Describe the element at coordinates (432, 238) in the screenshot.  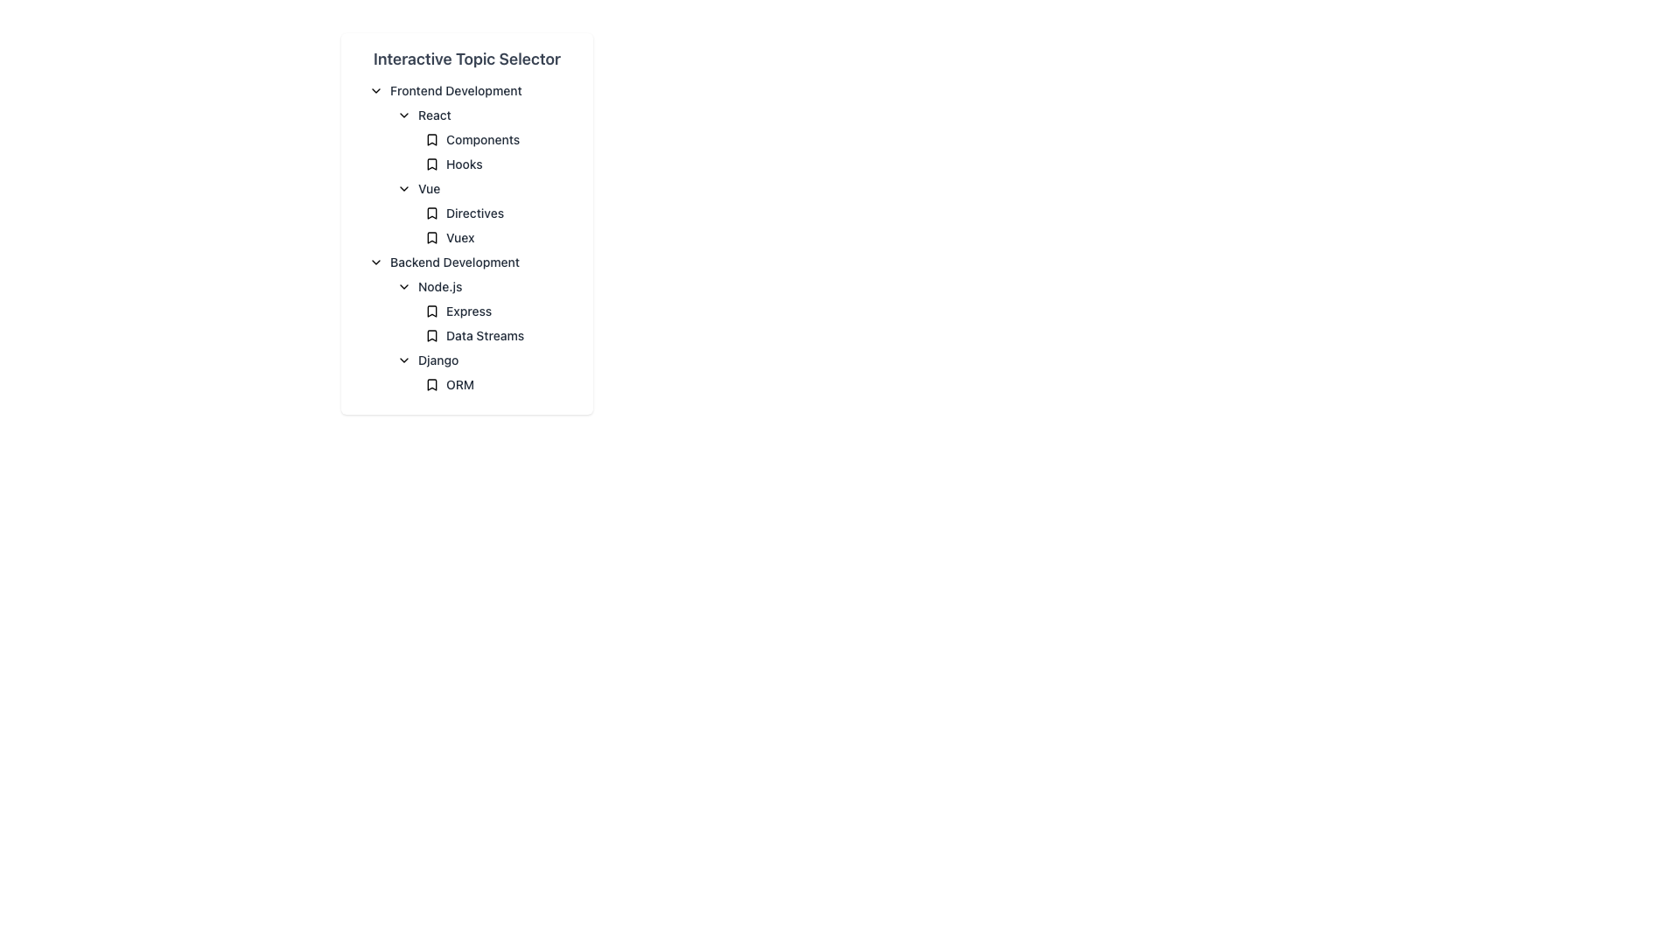
I see `the icon representing the 'Vuex' item located in the 'Vue' section of the hierarchical topic selector` at that location.